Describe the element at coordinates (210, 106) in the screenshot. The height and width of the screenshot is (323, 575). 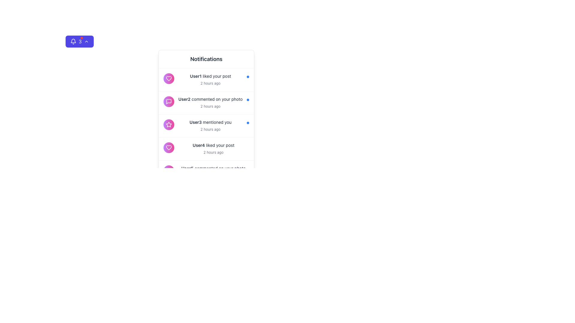
I see `timestamp displayed in the lower right corner of the notification entry indicating when 'User2 commented on your photo'` at that location.